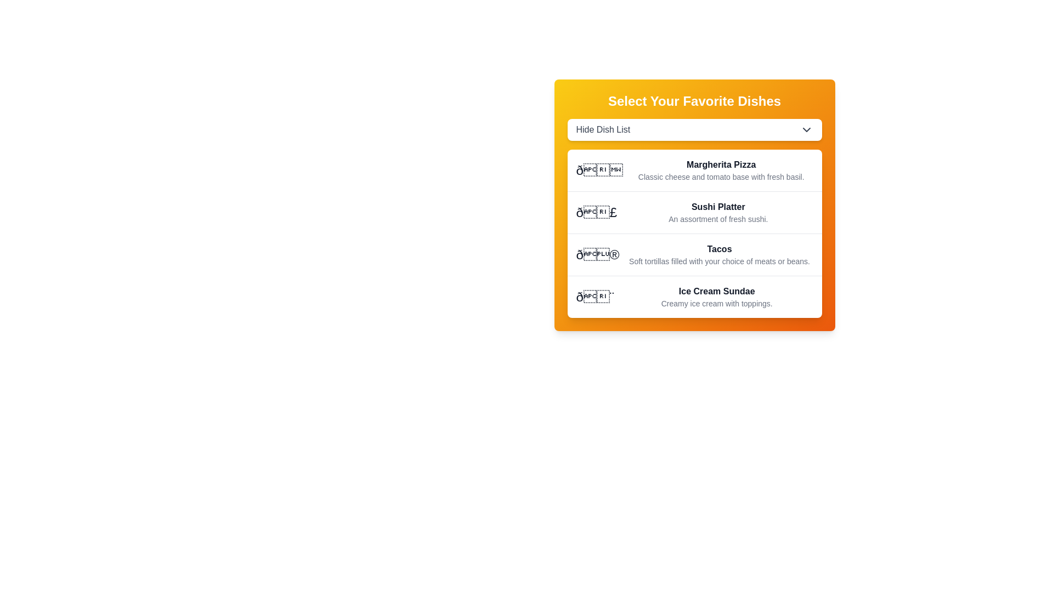 This screenshot has height=592, width=1053. I want to click on the List Item with Icon and Text that has the primary text 'Tacos', so click(694, 254).